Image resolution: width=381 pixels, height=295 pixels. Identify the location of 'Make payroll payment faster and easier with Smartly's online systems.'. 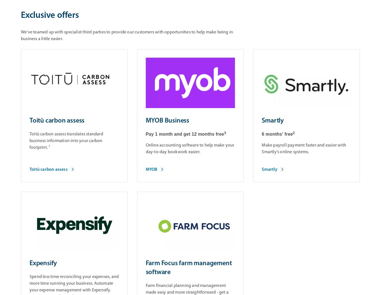
(304, 148).